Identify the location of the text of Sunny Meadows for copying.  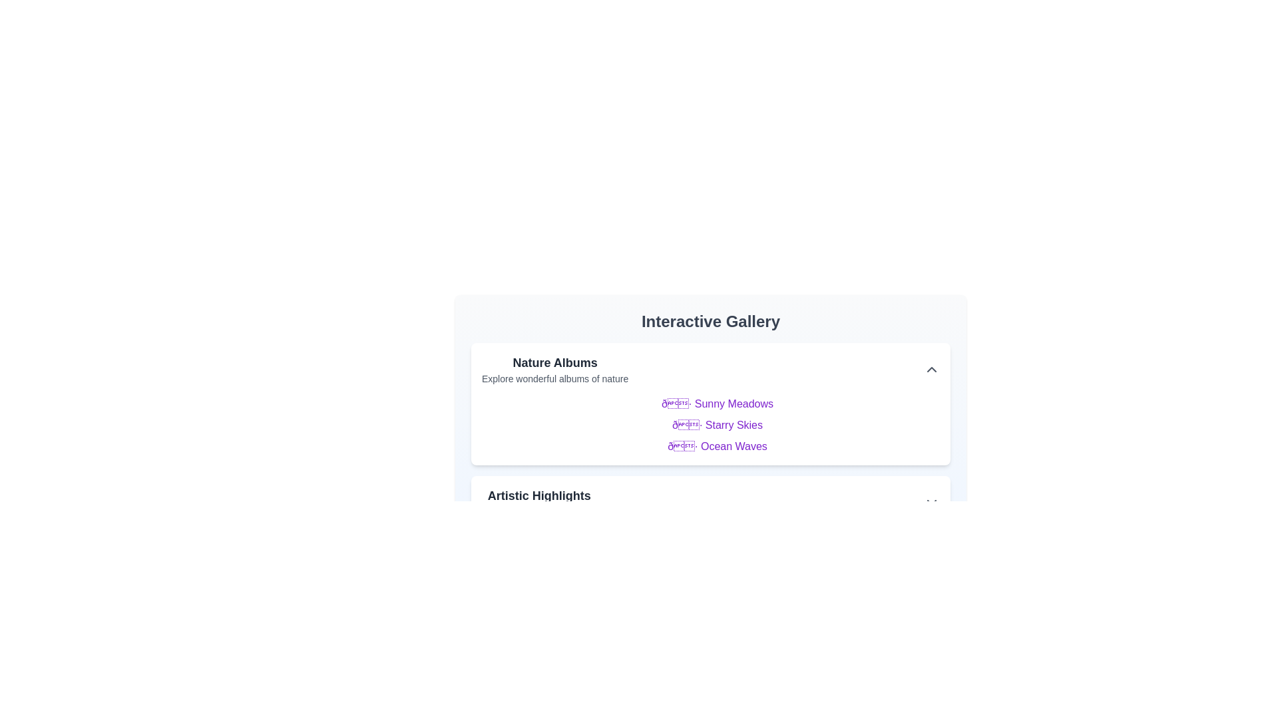
(717, 404).